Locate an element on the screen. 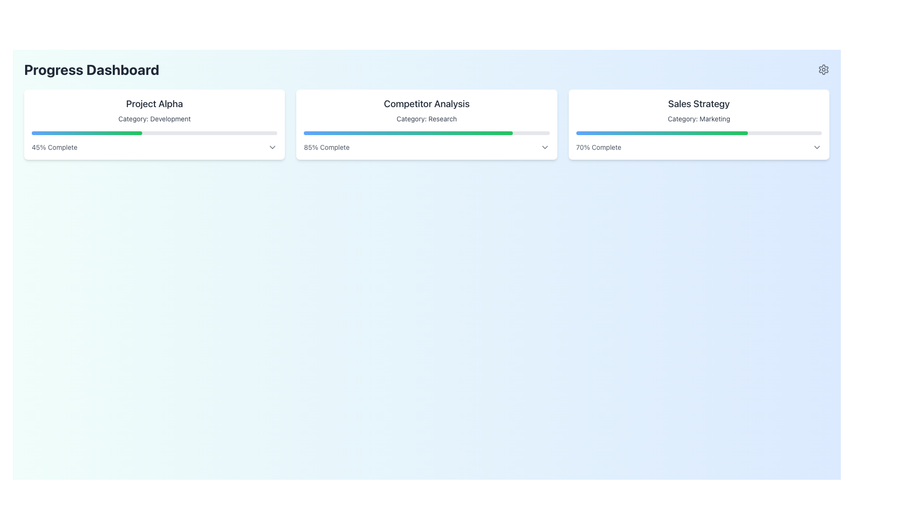 Image resolution: width=910 pixels, height=512 pixels. the main title text label located at the top of the central card, which identifies the specific content or section is located at coordinates (426, 104).